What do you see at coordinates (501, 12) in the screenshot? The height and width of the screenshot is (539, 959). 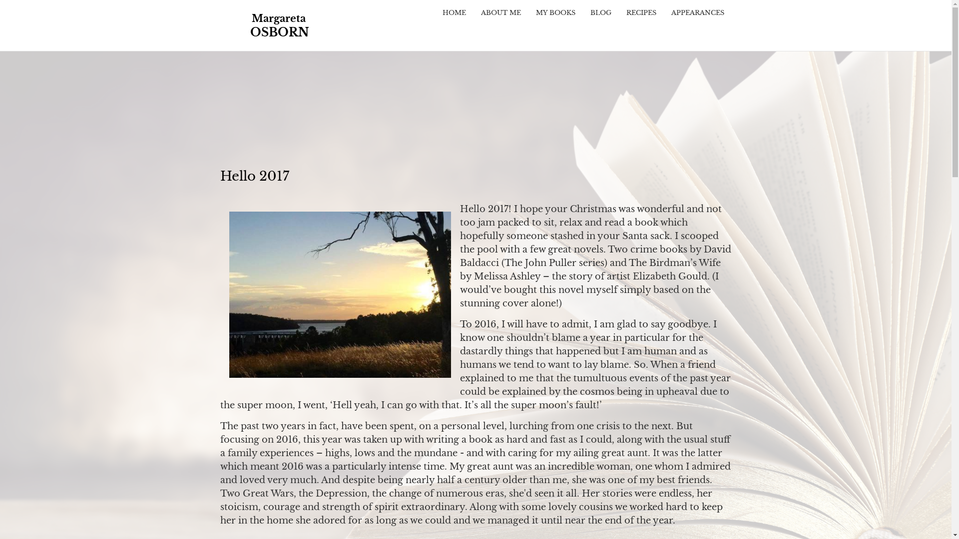 I see `'ABOUT ME'` at bounding box center [501, 12].